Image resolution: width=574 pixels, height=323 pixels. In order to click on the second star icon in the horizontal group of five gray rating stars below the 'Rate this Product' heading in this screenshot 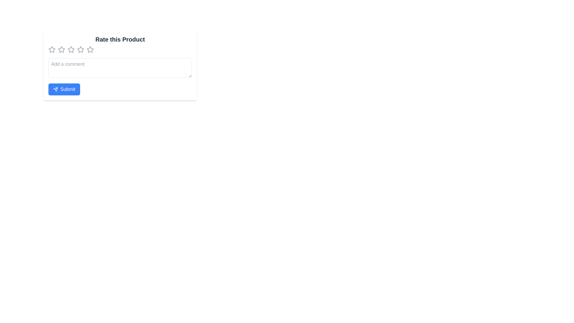, I will do `click(62, 49)`.